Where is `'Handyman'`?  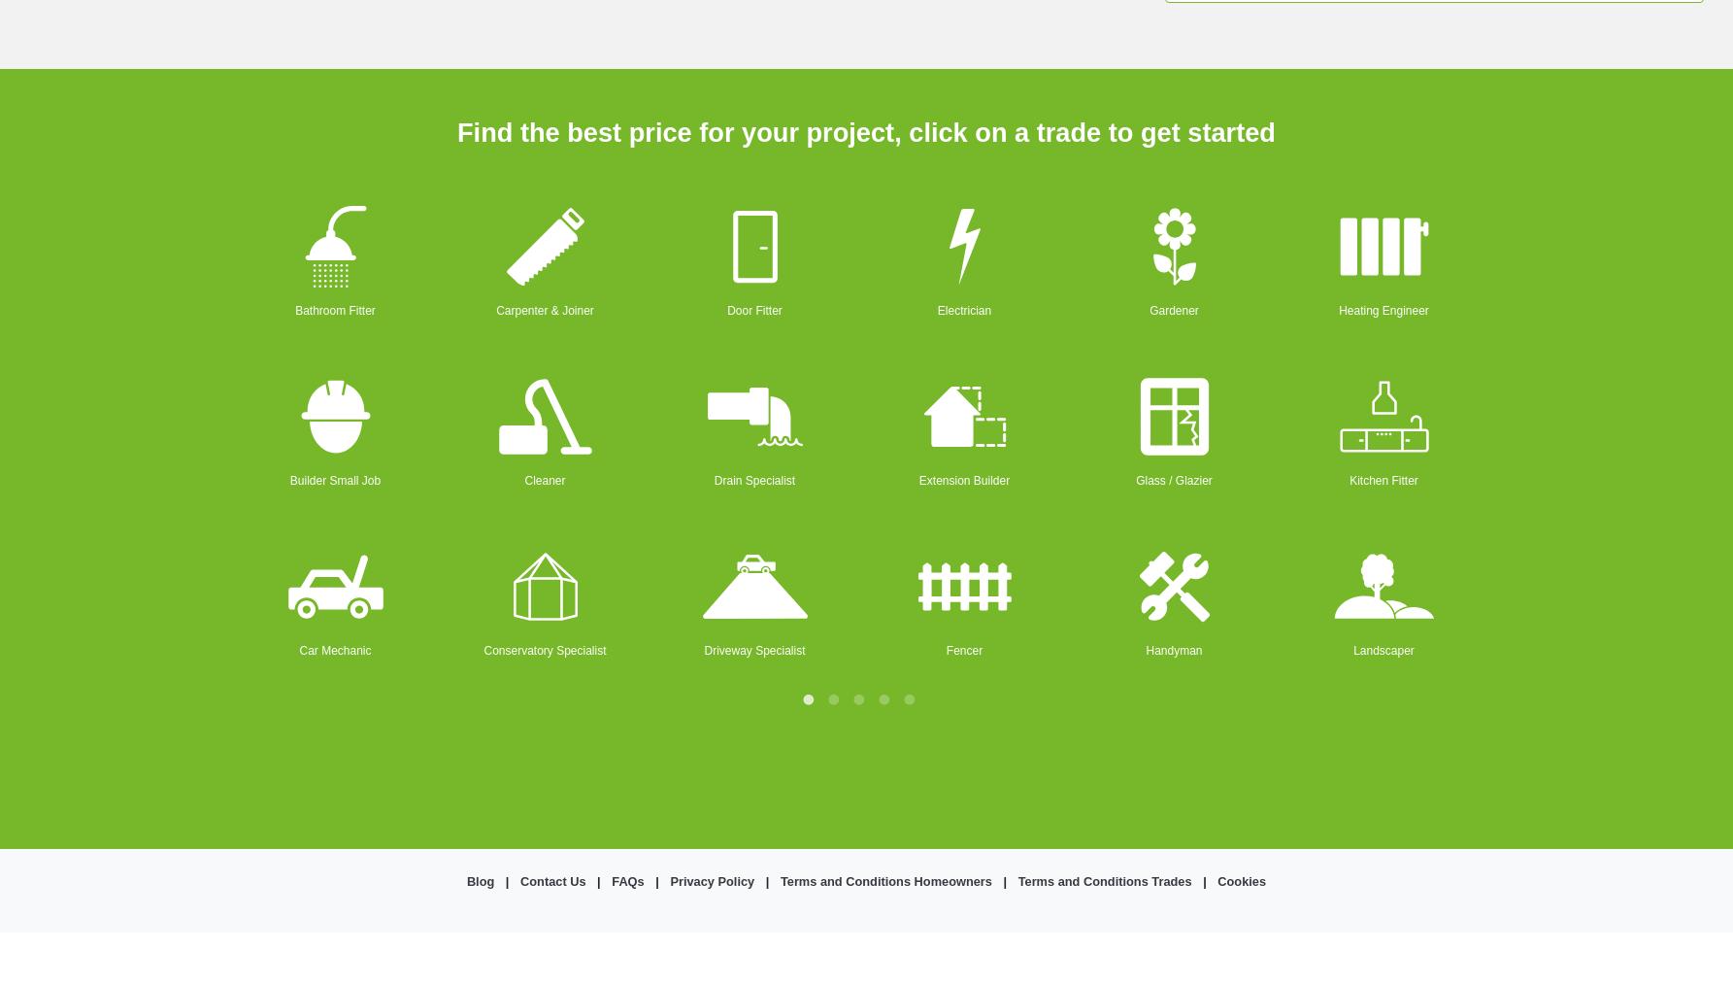 'Handyman' is located at coordinates (1145, 648).